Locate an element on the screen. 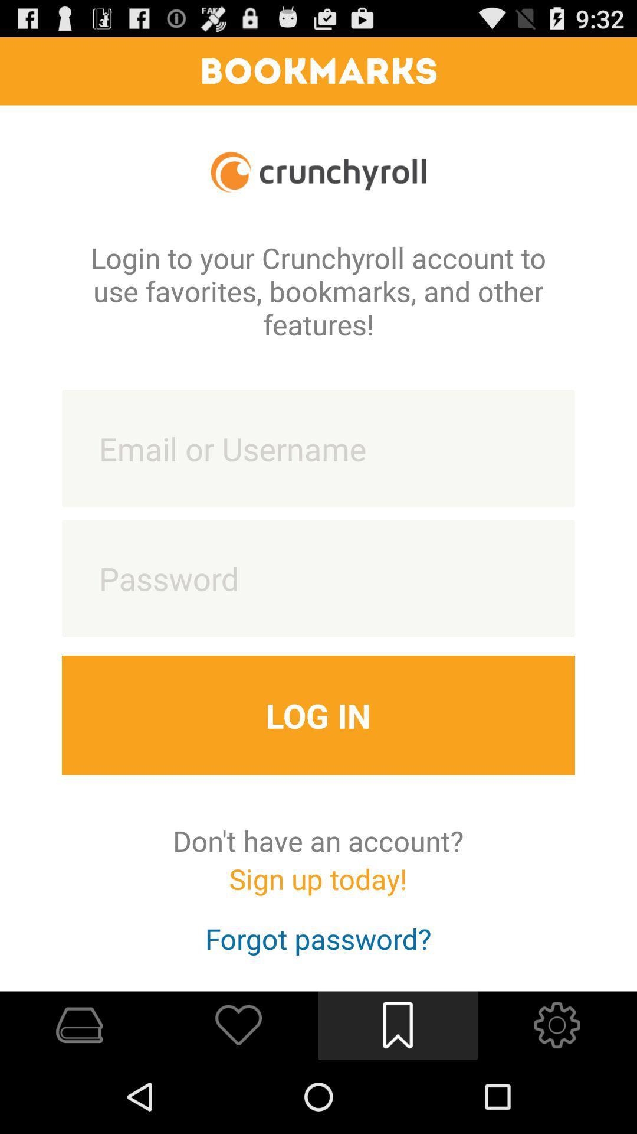 The image size is (637, 1134). email or username is located at coordinates (318, 448).